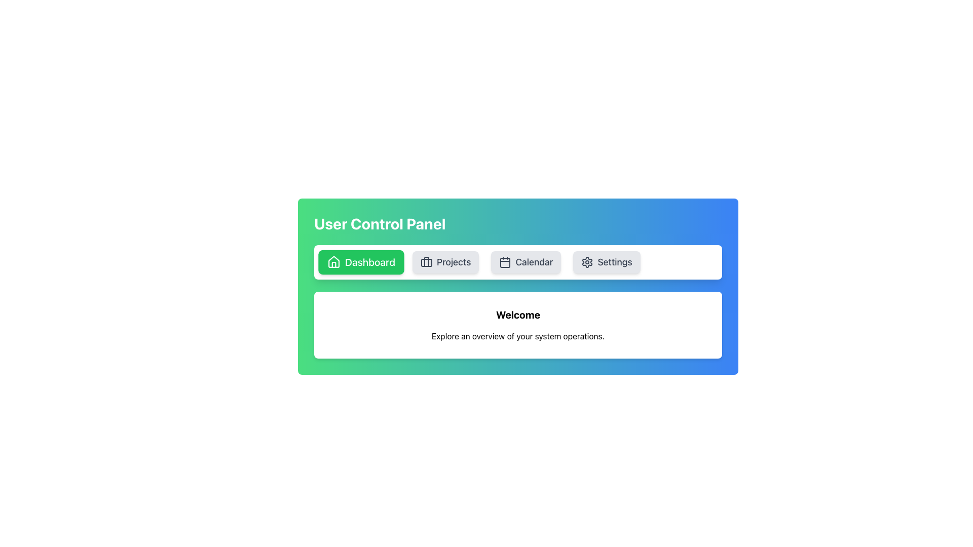 This screenshot has width=973, height=547. I want to click on the 'Calendar' button, so click(526, 261).